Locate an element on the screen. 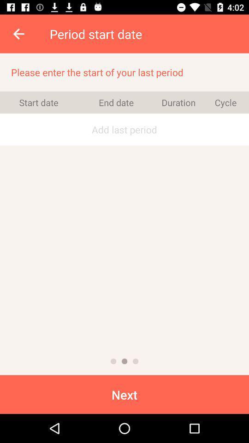  go back is located at coordinates (19, 34).